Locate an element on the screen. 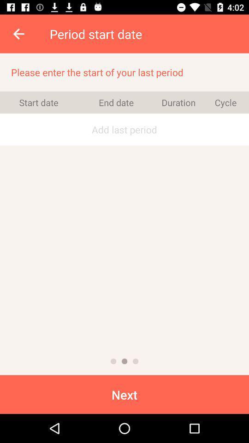  go back is located at coordinates (19, 34).